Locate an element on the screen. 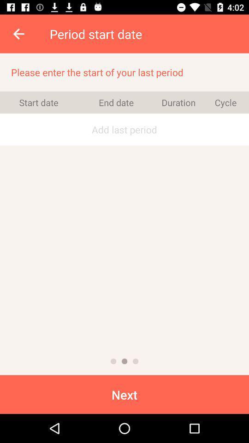  go back is located at coordinates (19, 34).